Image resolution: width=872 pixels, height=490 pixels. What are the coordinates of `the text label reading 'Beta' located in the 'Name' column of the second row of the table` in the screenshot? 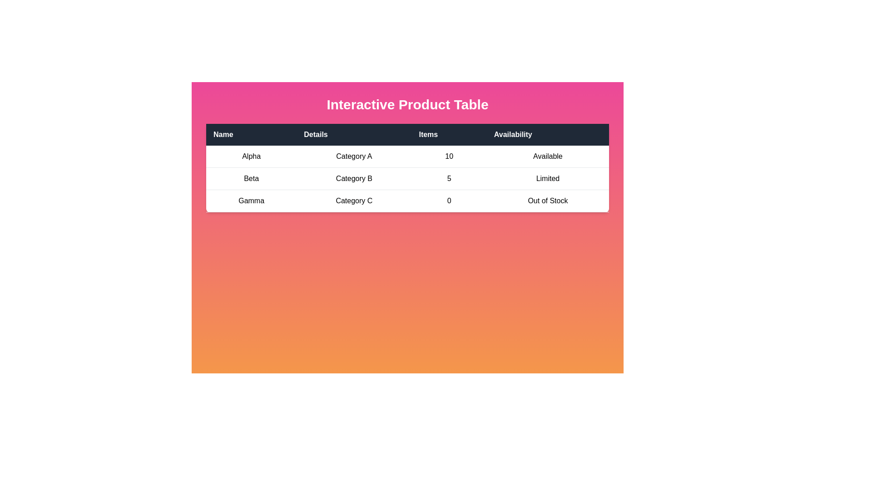 It's located at (251, 178).